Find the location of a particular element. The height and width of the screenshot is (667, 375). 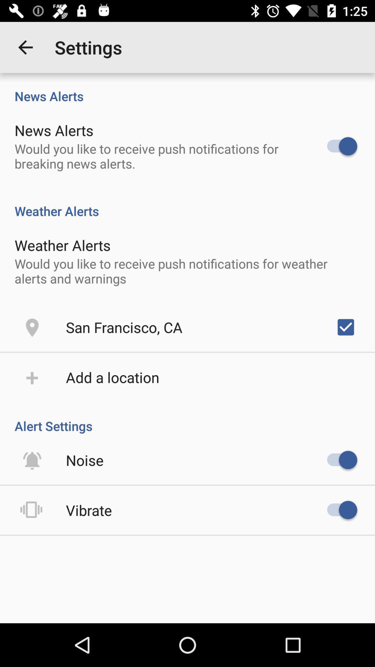

icon next to settings  app is located at coordinates (25, 47).